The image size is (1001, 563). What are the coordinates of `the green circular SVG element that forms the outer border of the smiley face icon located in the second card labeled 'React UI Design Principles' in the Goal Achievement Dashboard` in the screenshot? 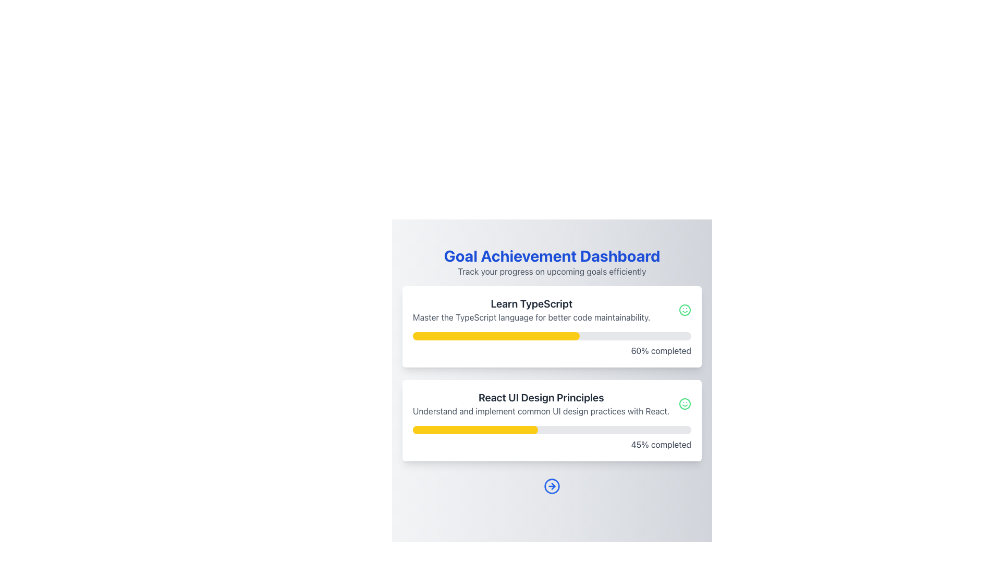 It's located at (685, 403).